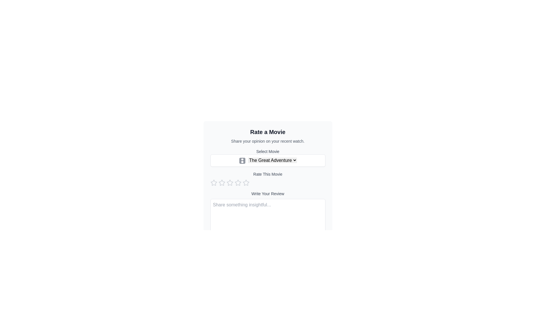 This screenshot has width=552, height=310. Describe the element at coordinates (238, 183) in the screenshot. I see `the fourth star icon in the interactive rating section` at that location.